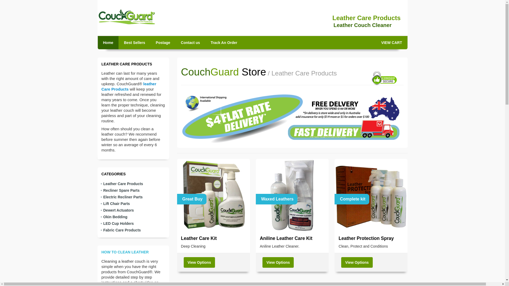  What do you see at coordinates (126, 17) in the screenshot?
I see `'CouchGuard'` at bounding box center [126, 17].